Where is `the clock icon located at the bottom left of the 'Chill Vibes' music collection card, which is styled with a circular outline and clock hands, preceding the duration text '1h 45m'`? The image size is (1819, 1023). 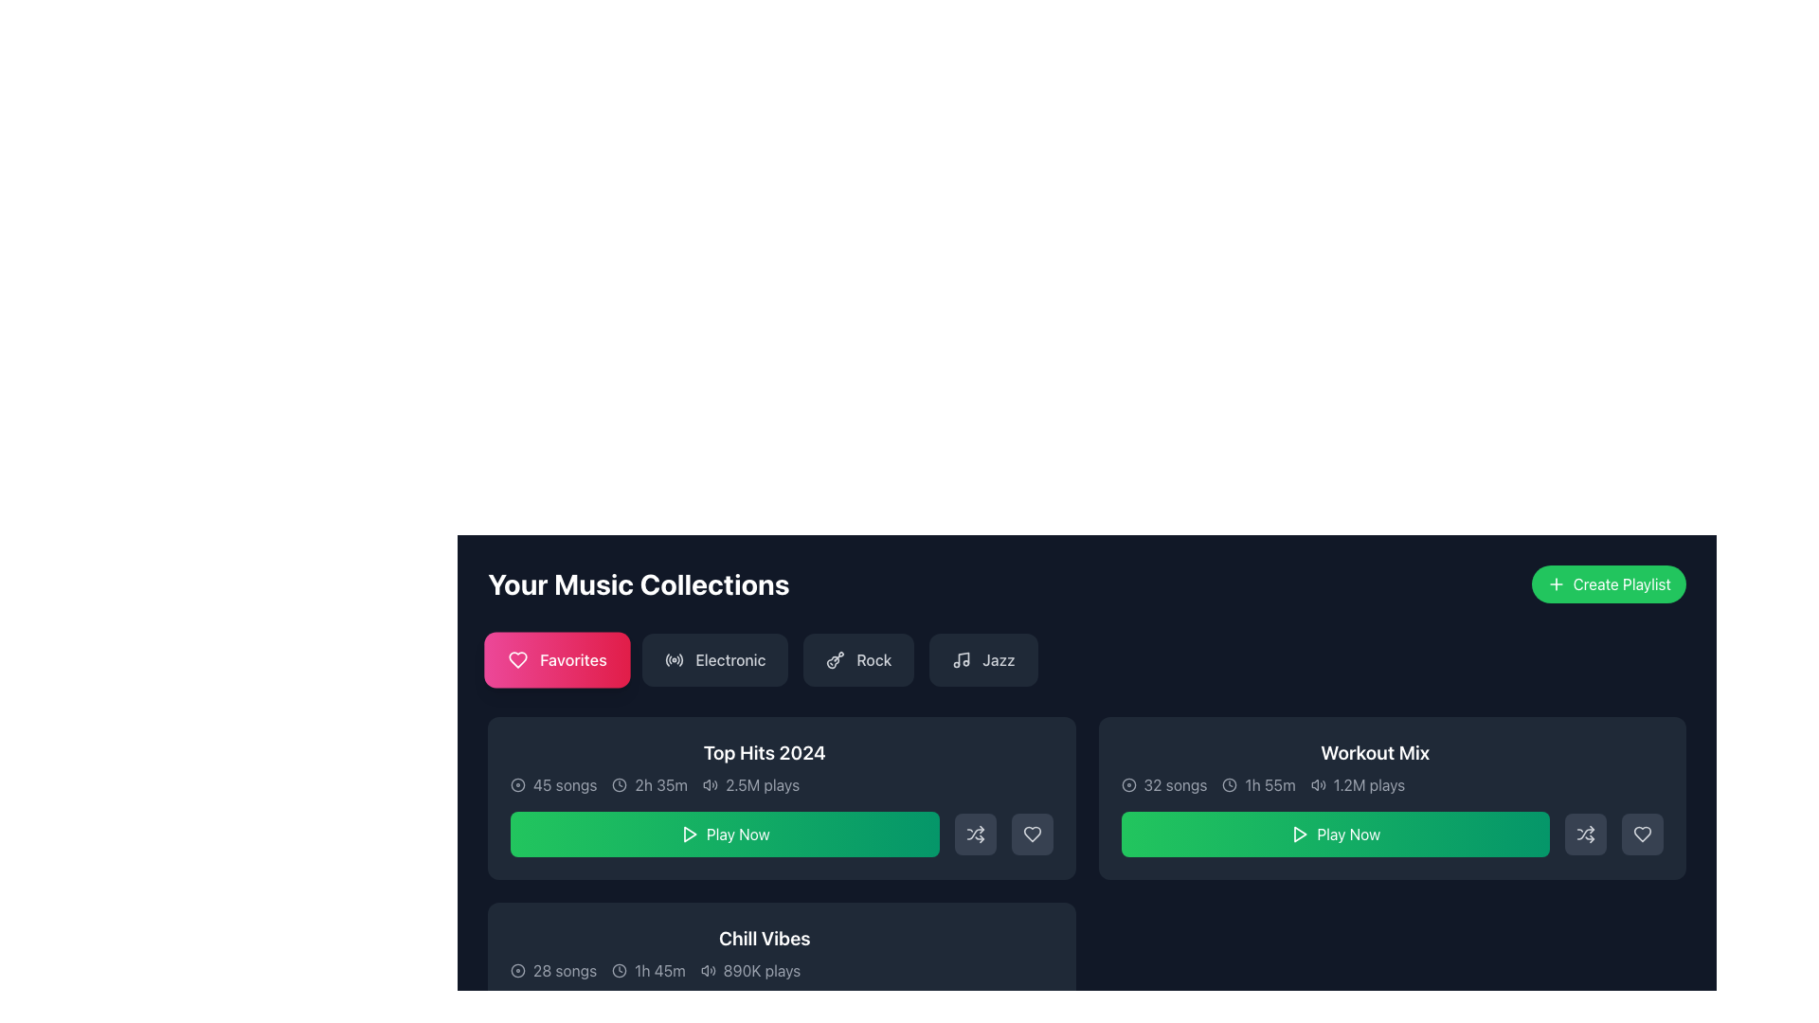
the clock icon located at the bottom left of the 'Chill Vibes' music collection card, which is styled with a circular outline and clock hands, preceding the duration text '1h 45m' is located at coordinates (620, 971).